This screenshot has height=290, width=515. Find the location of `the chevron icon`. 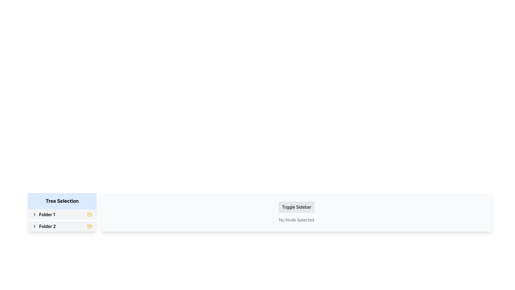

the chevron icon is located at coordinates (34, 226).